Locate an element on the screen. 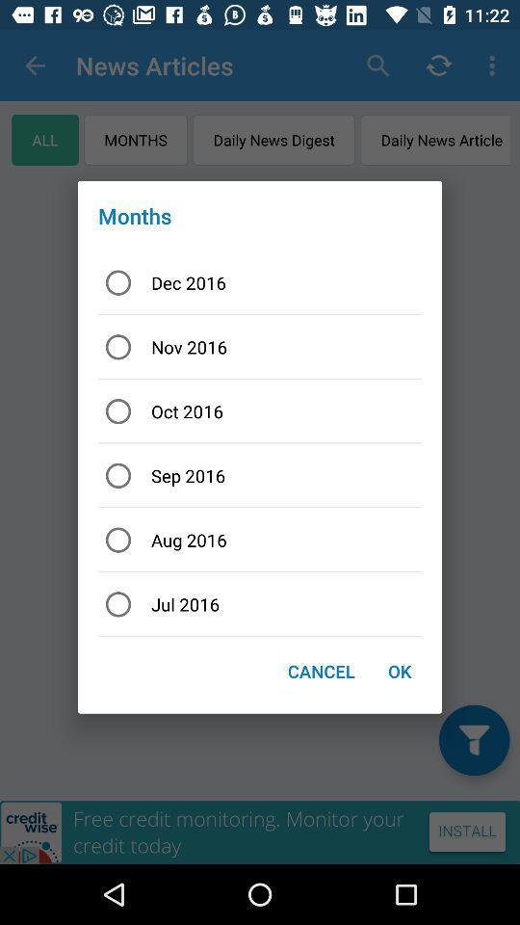 This screenshot has width=520, height=925. cancel item is located at coordinates (321, 671).